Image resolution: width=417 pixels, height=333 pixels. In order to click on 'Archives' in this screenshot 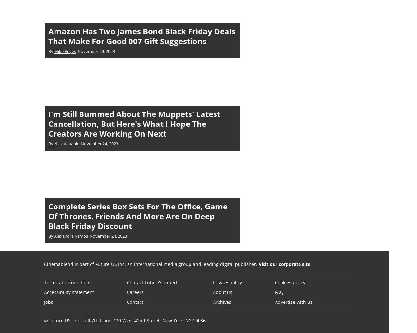, I will do `click(221, 302)`.